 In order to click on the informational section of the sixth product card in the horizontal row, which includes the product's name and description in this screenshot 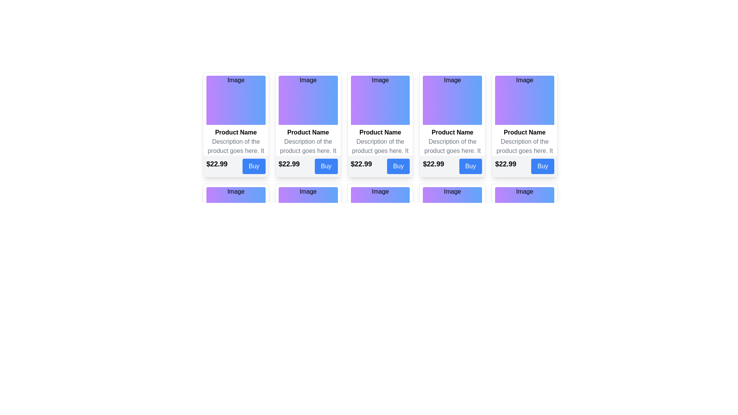, I will do `click(524, 124)`.